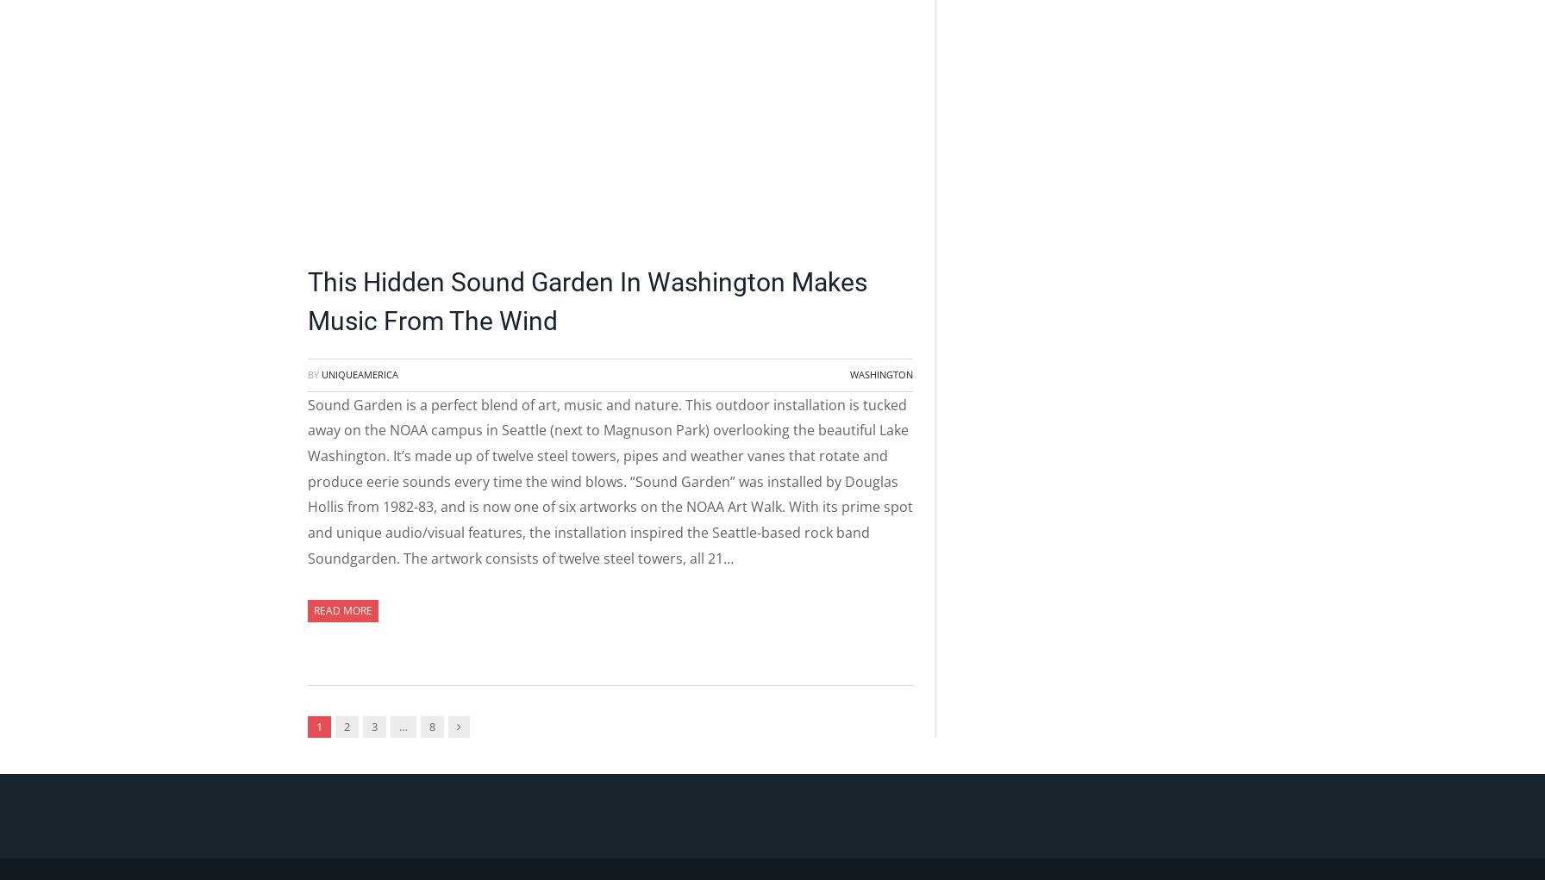 This screenshot has width=1545, height=880. Describe the element at coordinates (315, 374) in the screenshot. I see `'By'` at that location.